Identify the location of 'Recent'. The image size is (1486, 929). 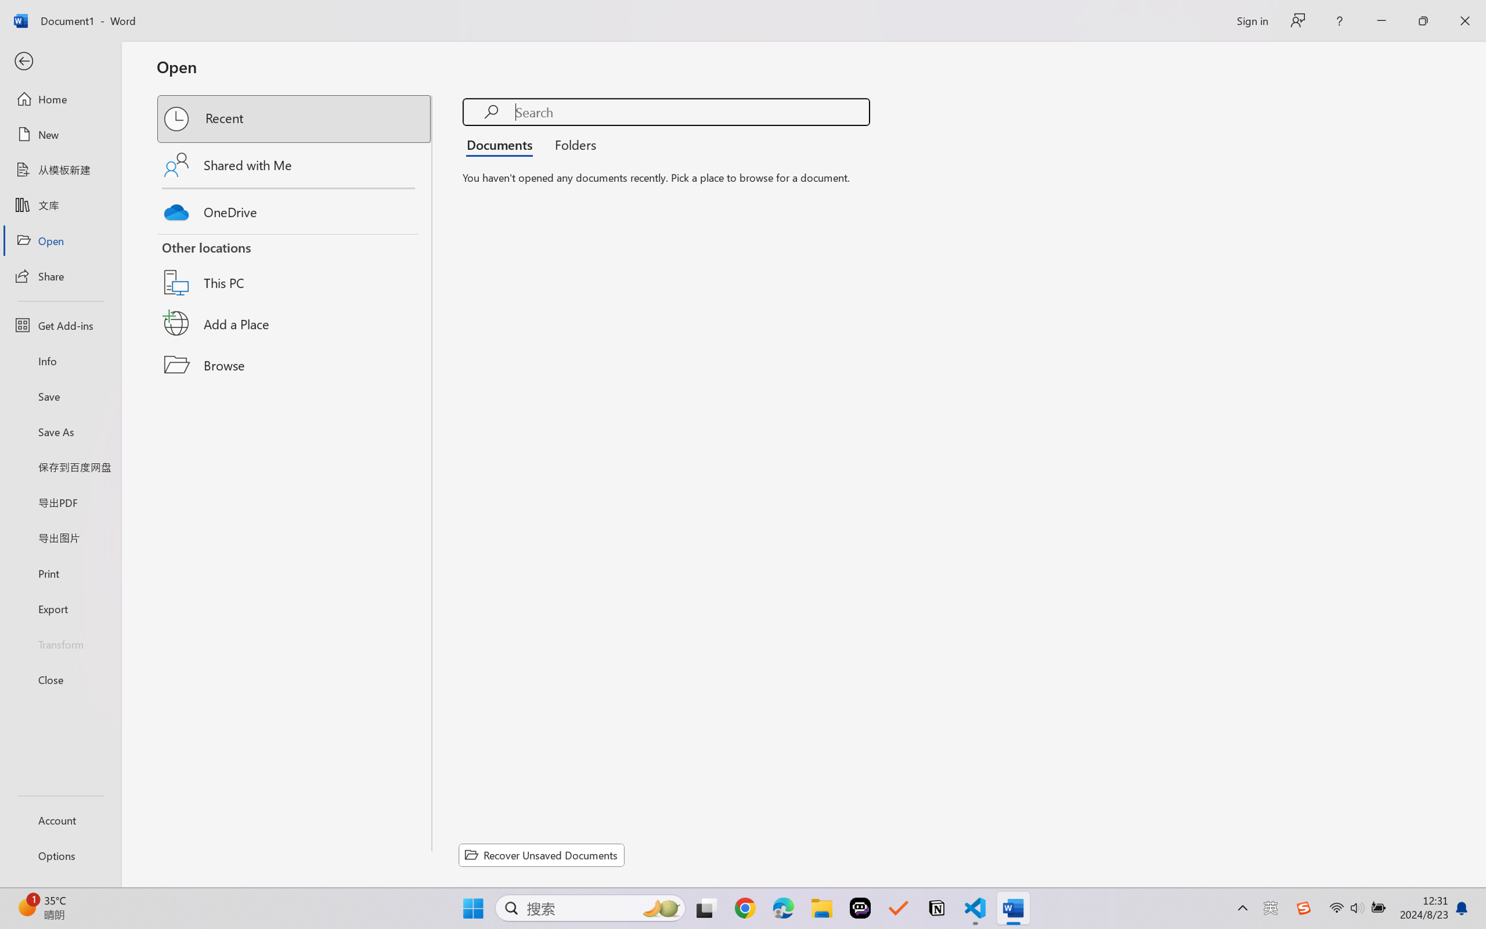
(295, 118).